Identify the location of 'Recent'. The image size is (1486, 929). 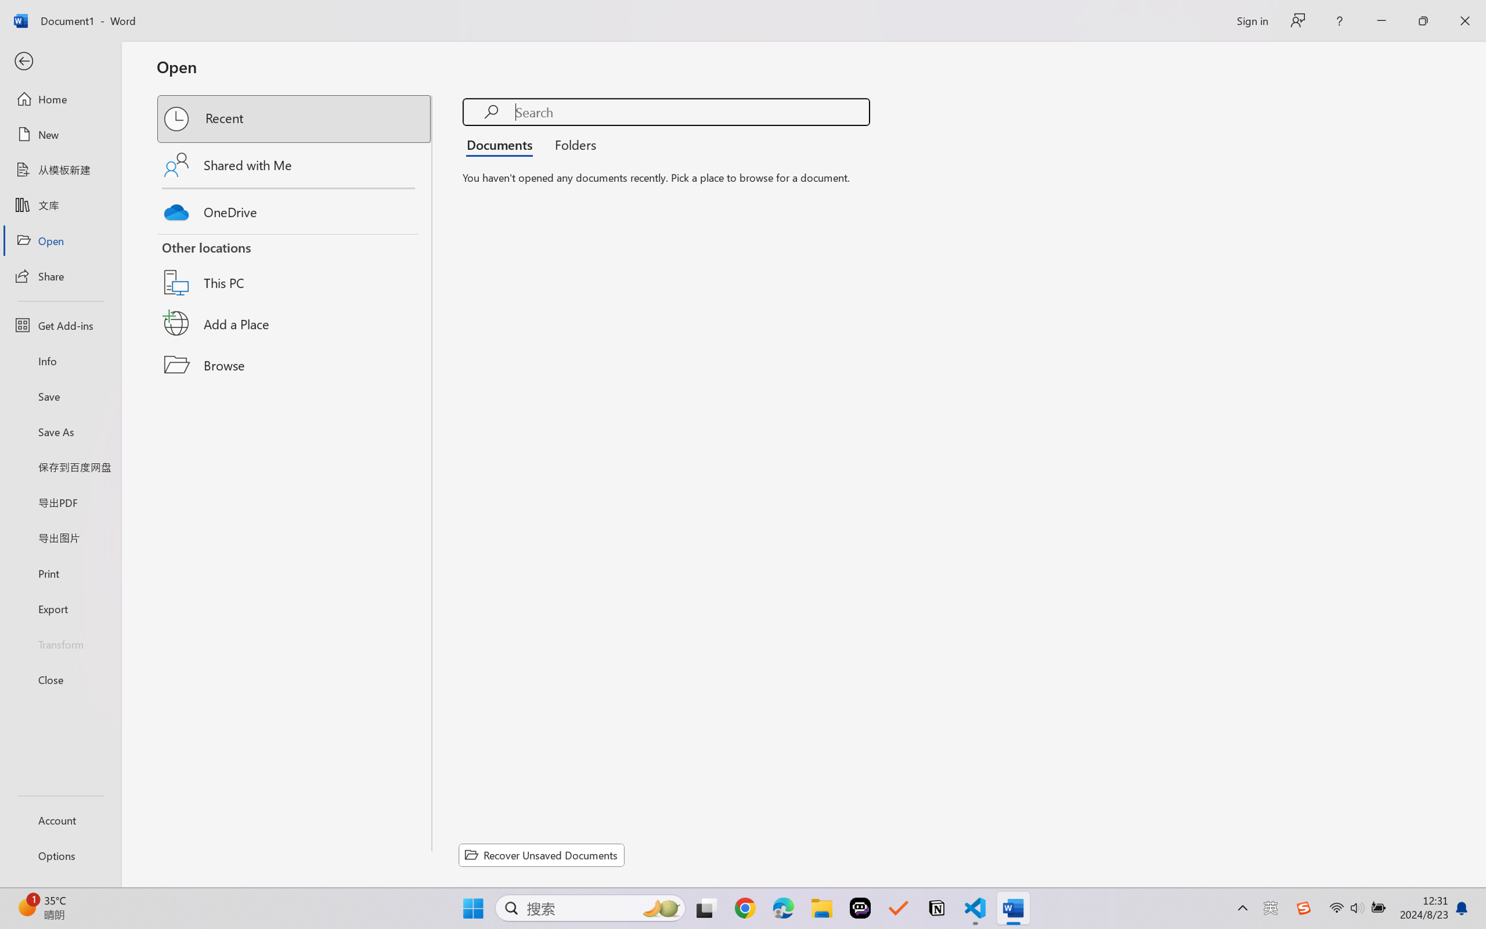
(295, 118).